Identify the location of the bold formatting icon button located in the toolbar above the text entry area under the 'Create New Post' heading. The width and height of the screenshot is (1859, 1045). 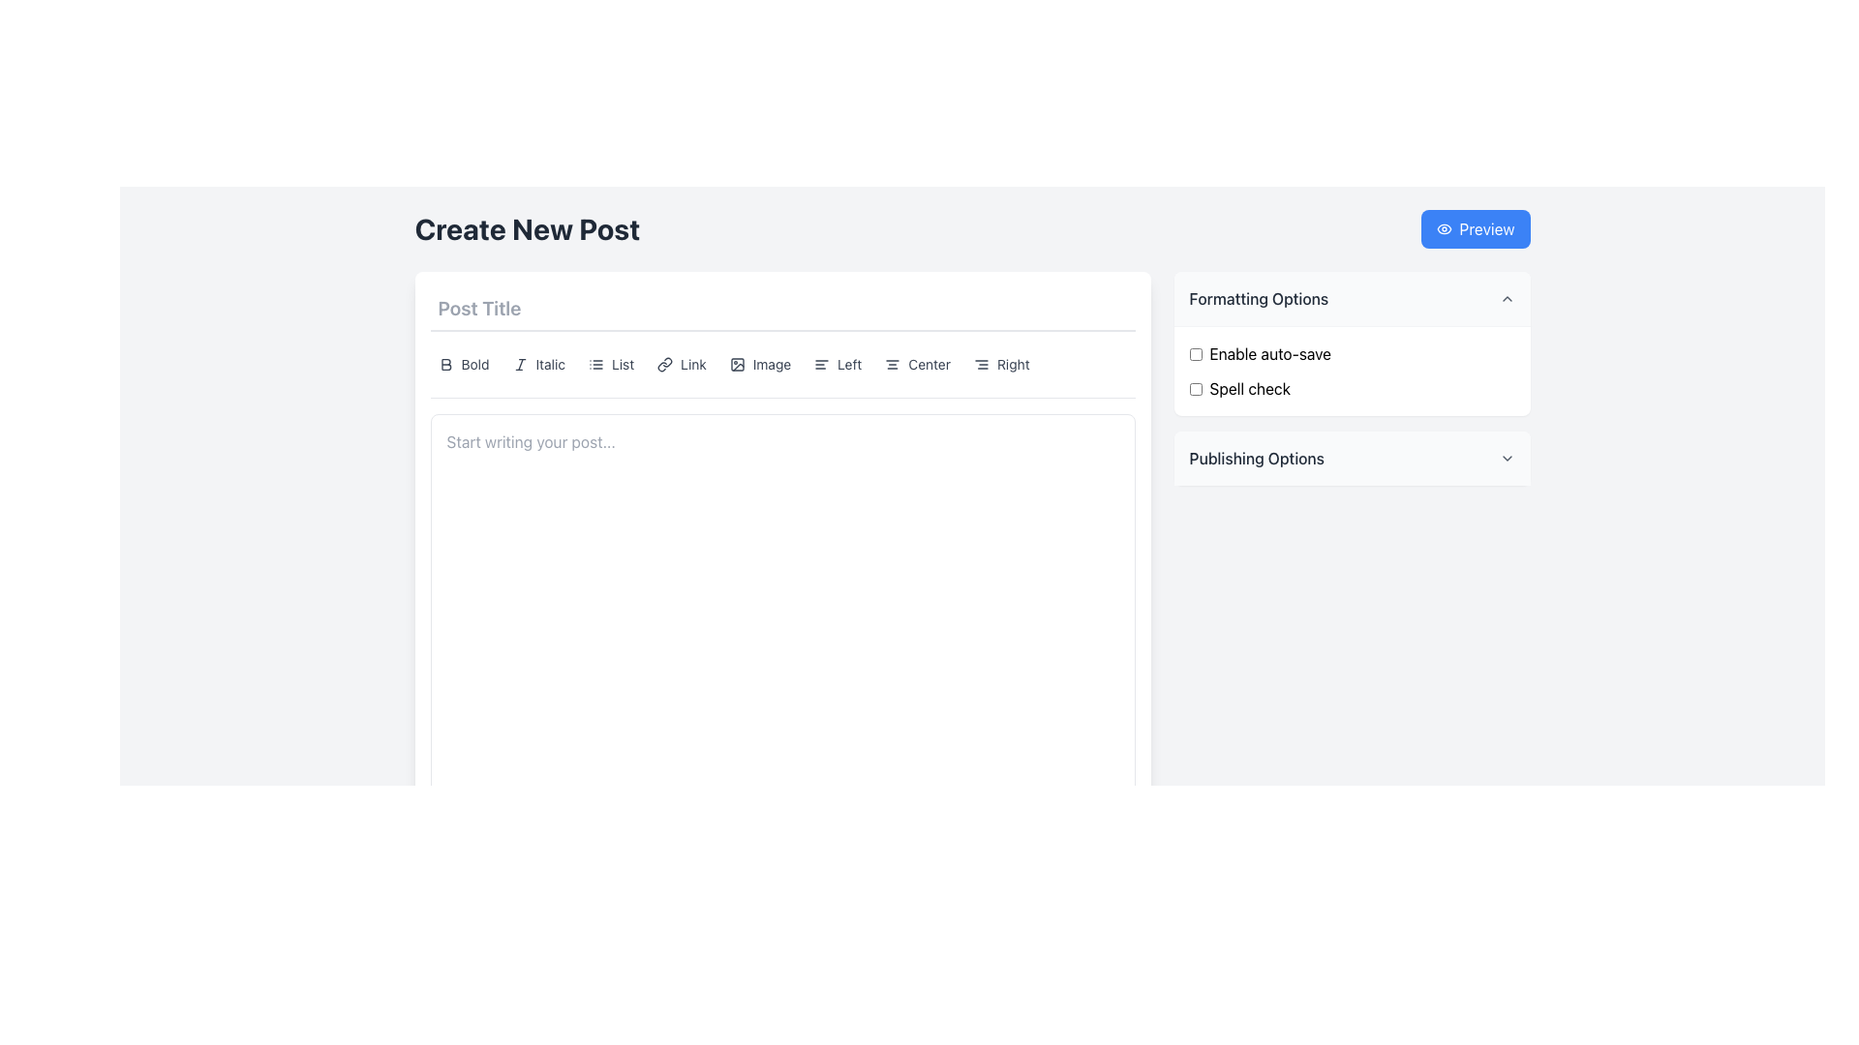
(444, 365).